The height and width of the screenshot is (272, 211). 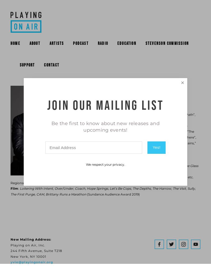 What do you see at coordinates (152, 177) in the screenshot?
I see `'Where We’re Born'` at bounding box center [152, 177].